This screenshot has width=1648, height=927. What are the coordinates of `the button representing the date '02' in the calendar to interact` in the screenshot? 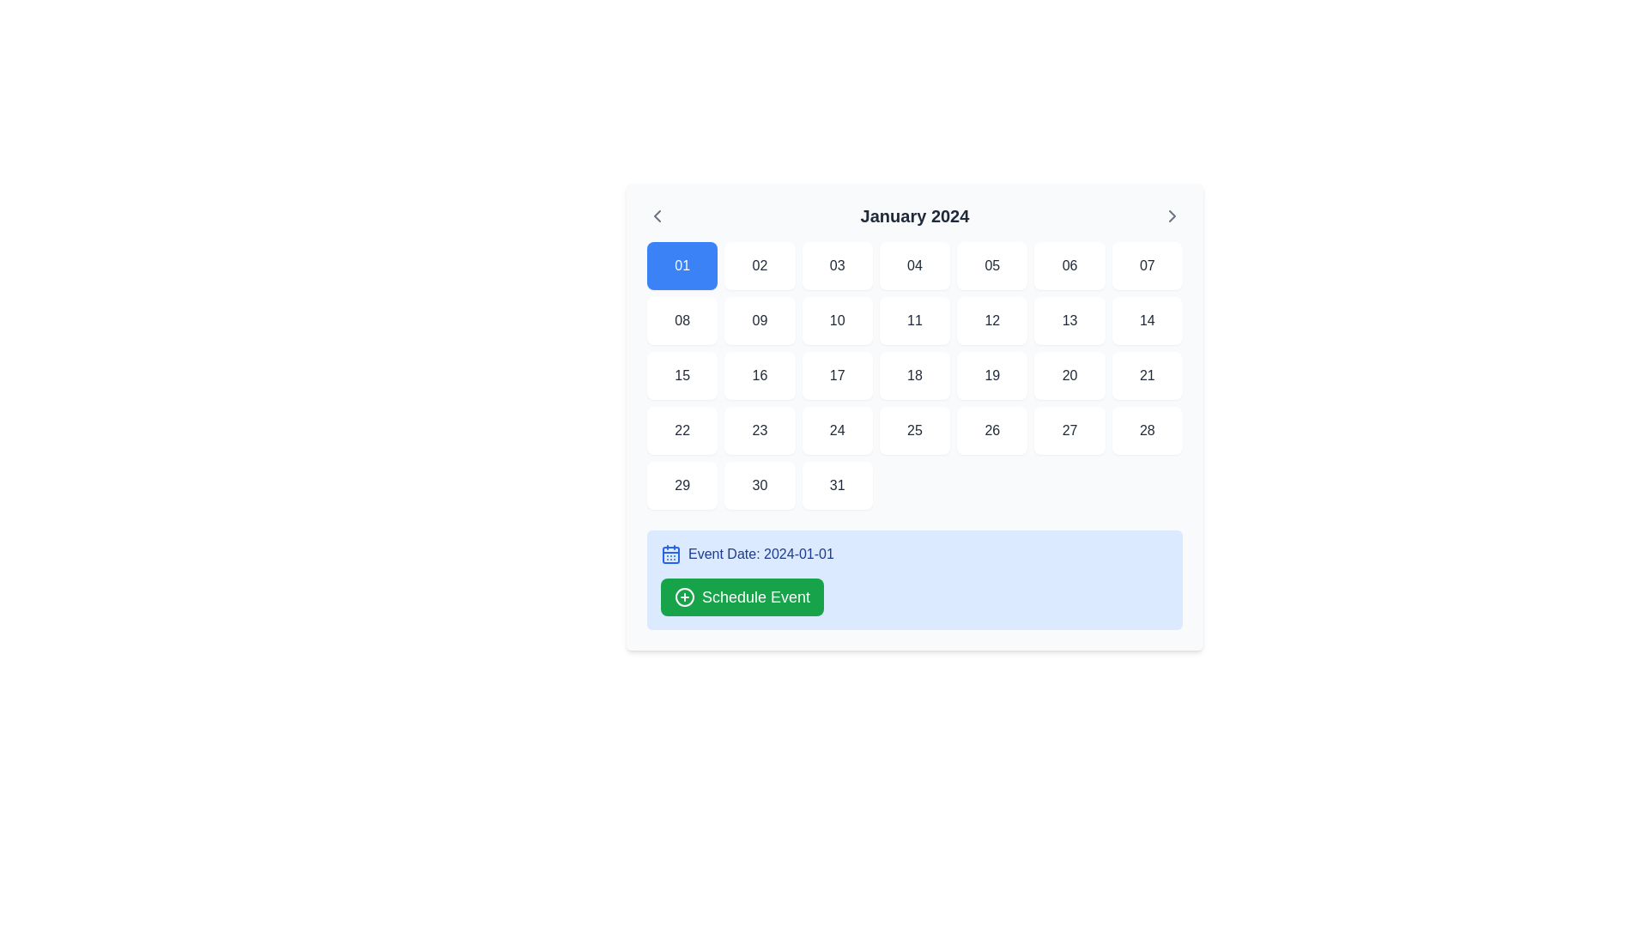 It's located at (759, 265).